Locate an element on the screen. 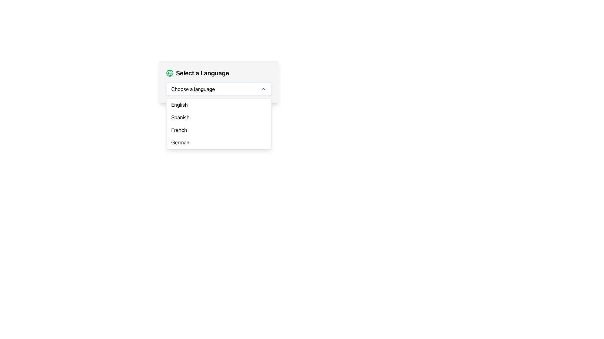 The height and width of the screenshot is (339, 604). the text 'French' in the dropdown menu under 'Select a Language' is located at coordinates (179, 129).